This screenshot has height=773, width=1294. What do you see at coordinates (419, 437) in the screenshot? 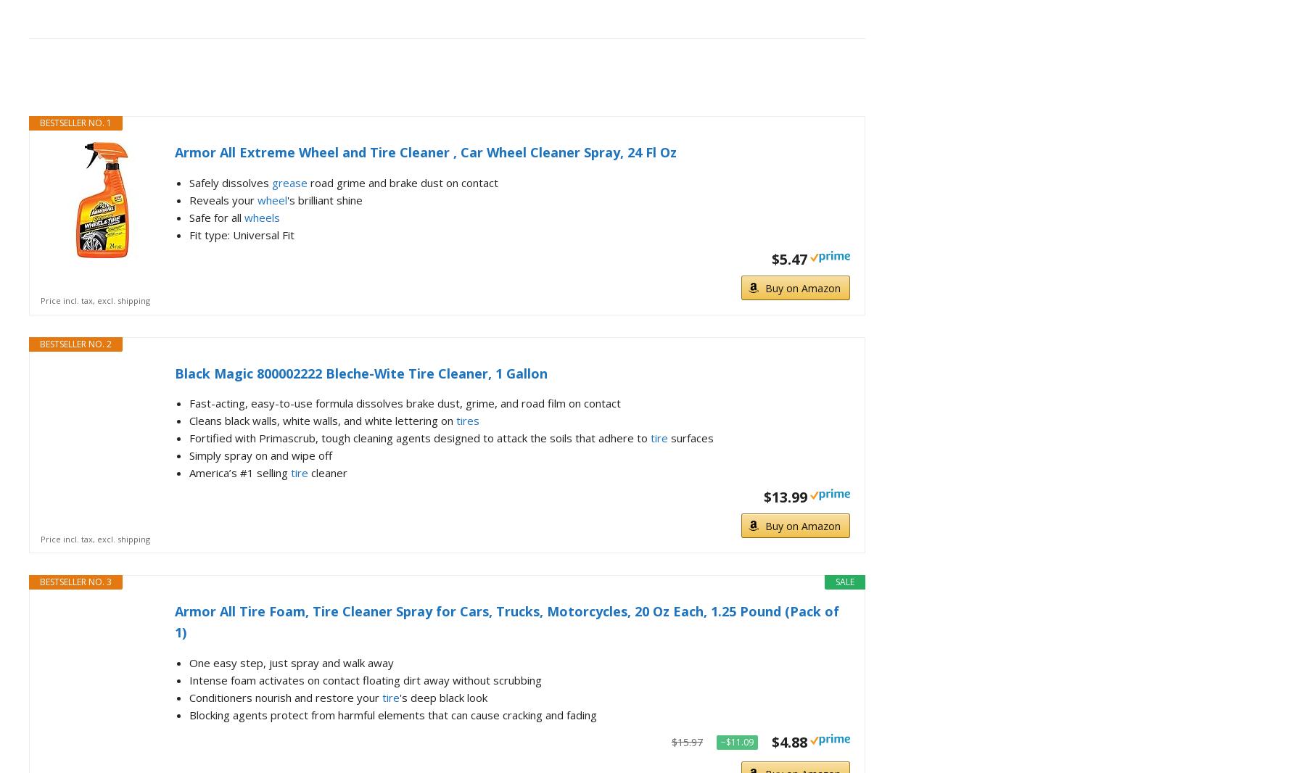
I see `'Fortified with Primascrub, tough cleaning agents designed to attack the soils that adhere to'` at bounding box center [419, 437].